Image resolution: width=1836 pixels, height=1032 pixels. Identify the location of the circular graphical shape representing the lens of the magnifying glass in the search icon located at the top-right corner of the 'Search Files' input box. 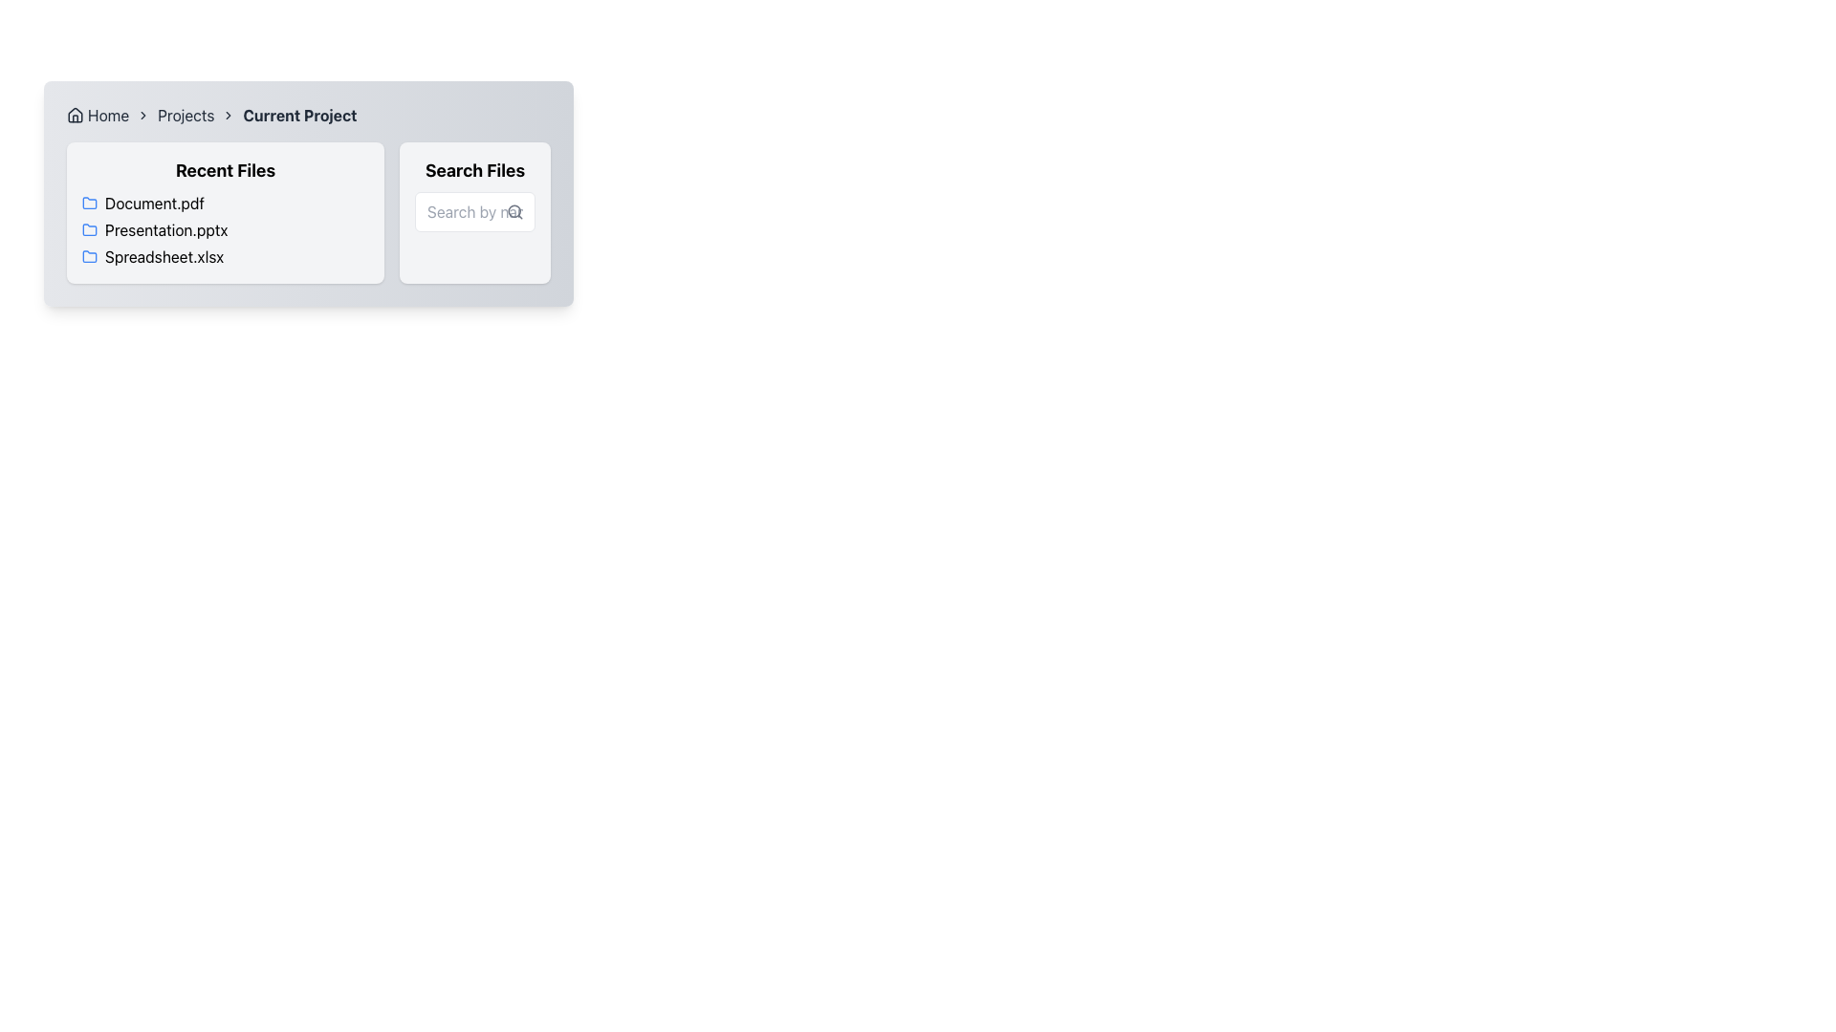
(514, 211).